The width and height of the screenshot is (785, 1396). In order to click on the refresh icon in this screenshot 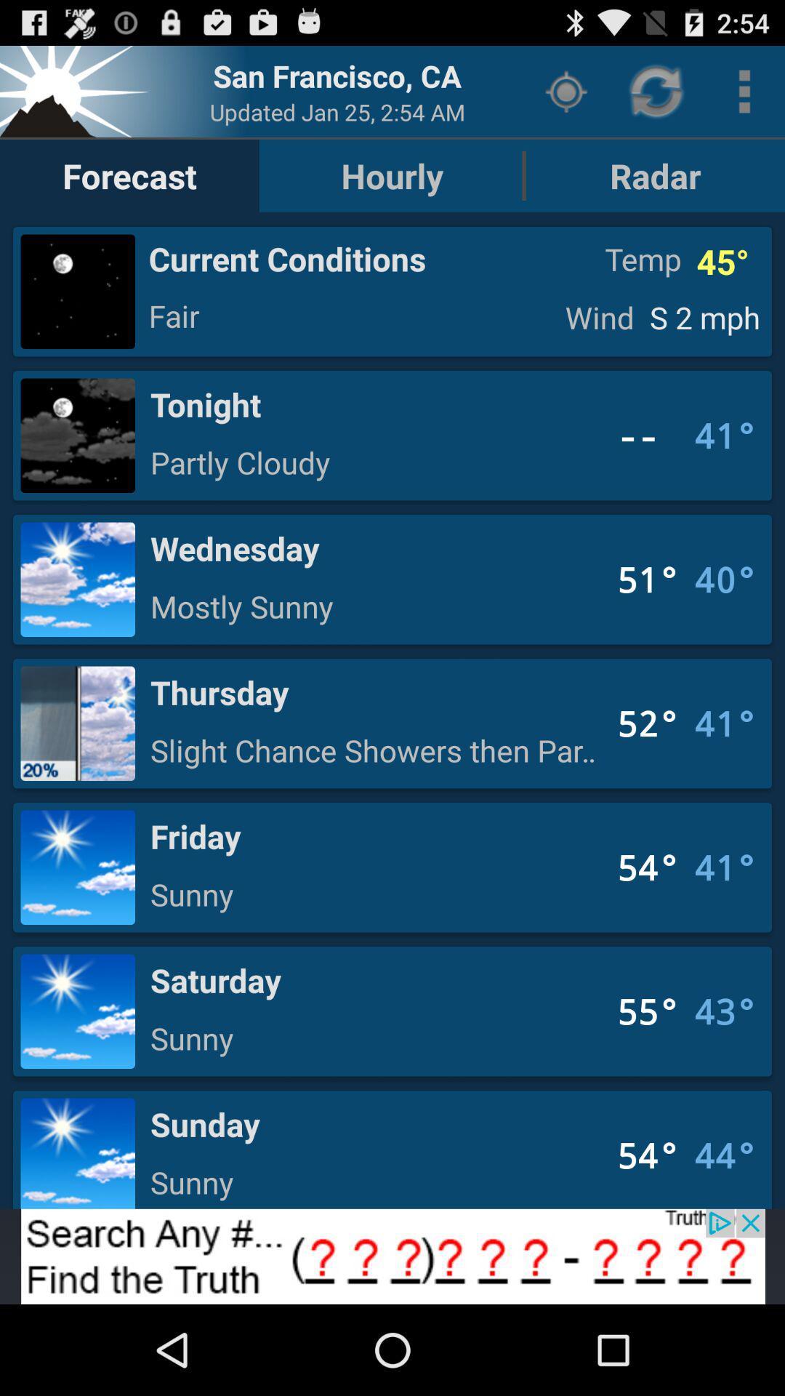, I will do `click(658, 97)`.